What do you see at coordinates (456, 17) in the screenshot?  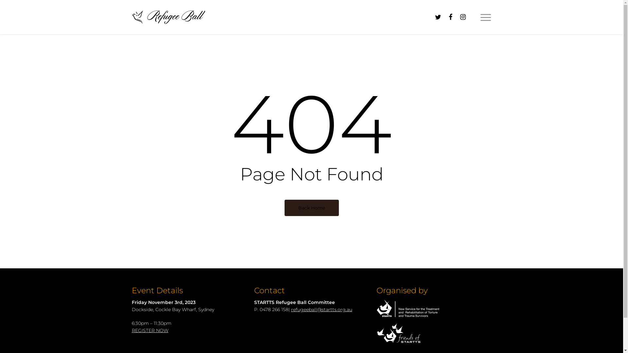 I see `'instagram'` at bounding box center [456, 17].